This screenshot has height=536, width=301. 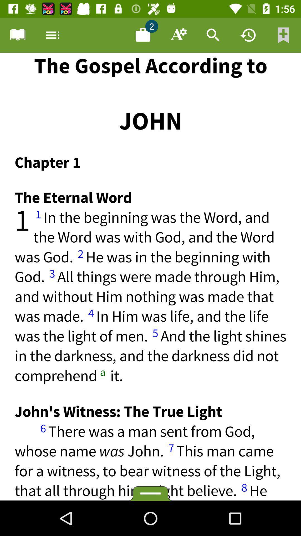 What do you see at coordinates (213, 35) in the screenshot?
I see `search document` at bounding box center [213, 35].